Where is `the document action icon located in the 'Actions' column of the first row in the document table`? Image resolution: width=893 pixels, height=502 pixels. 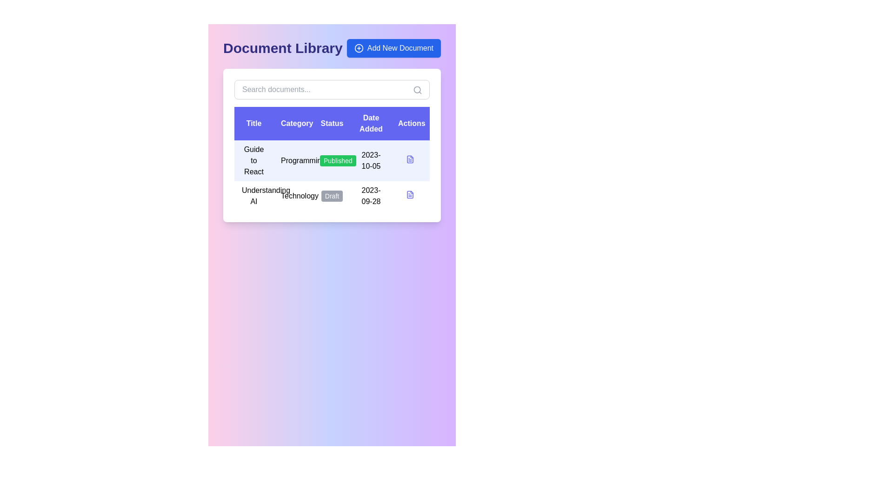
the document action icon located in the 'Actions' column of the first row in the document table is located at coordinates (410, 159).